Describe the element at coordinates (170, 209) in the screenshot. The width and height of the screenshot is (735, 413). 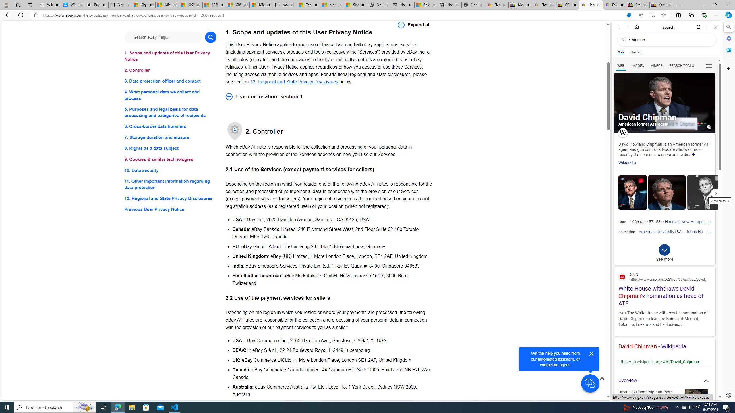
I see `'Previous User Privacy Notice'` at that location.